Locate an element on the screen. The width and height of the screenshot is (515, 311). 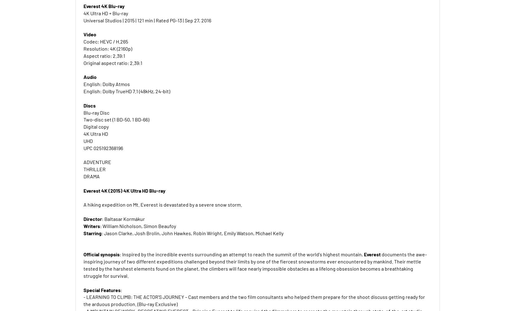
'4K Ultra HD' is located at coordinates (95, 134).